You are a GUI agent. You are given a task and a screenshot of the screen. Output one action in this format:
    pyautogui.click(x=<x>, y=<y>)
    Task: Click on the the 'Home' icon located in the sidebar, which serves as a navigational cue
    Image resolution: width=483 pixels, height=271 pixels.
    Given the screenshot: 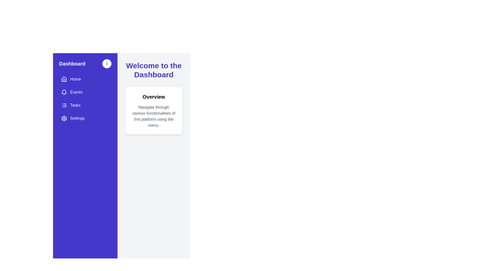 What is the action you would take?
    pyautogui.click(x=64, y=79)
    